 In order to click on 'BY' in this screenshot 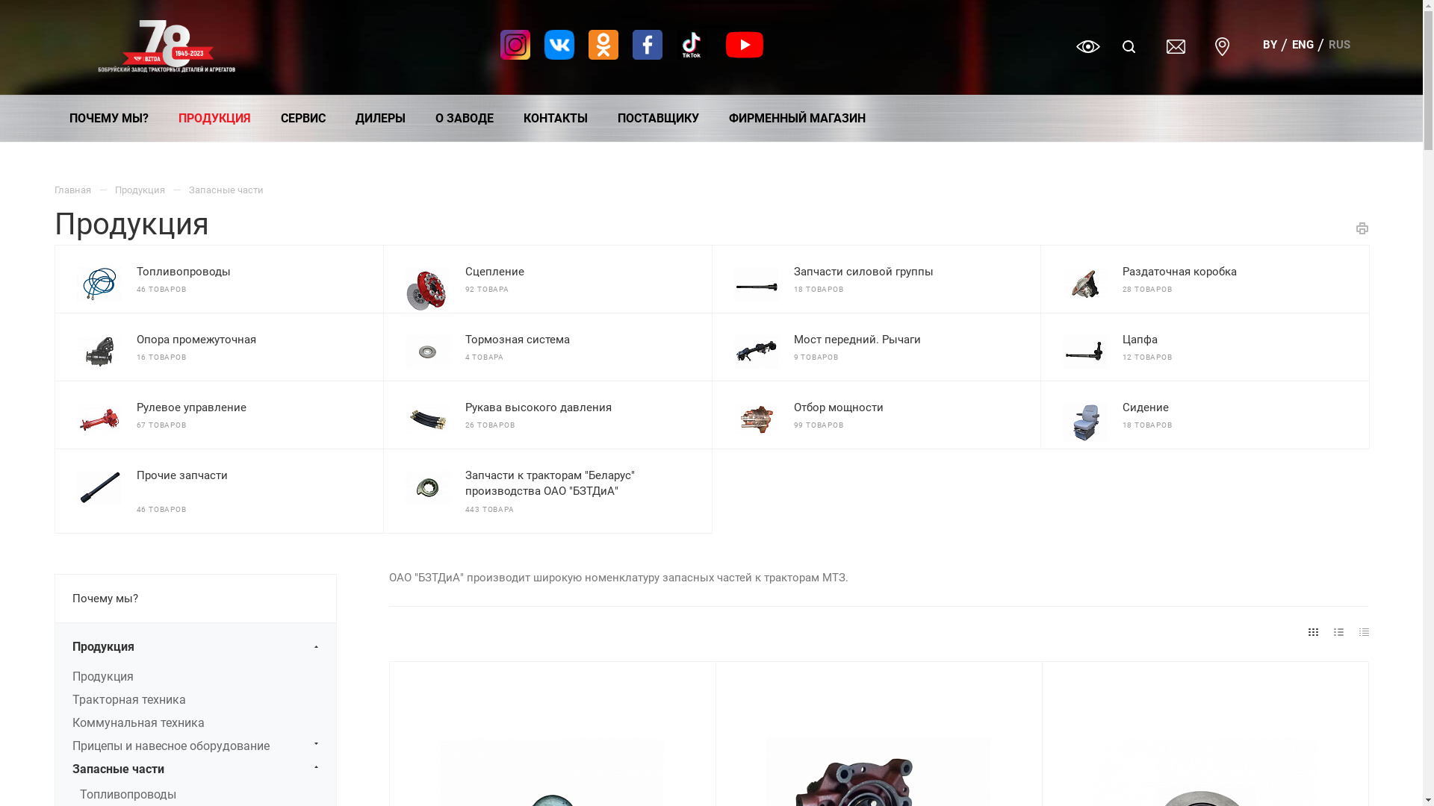, I will do `click(1269, 44)`.